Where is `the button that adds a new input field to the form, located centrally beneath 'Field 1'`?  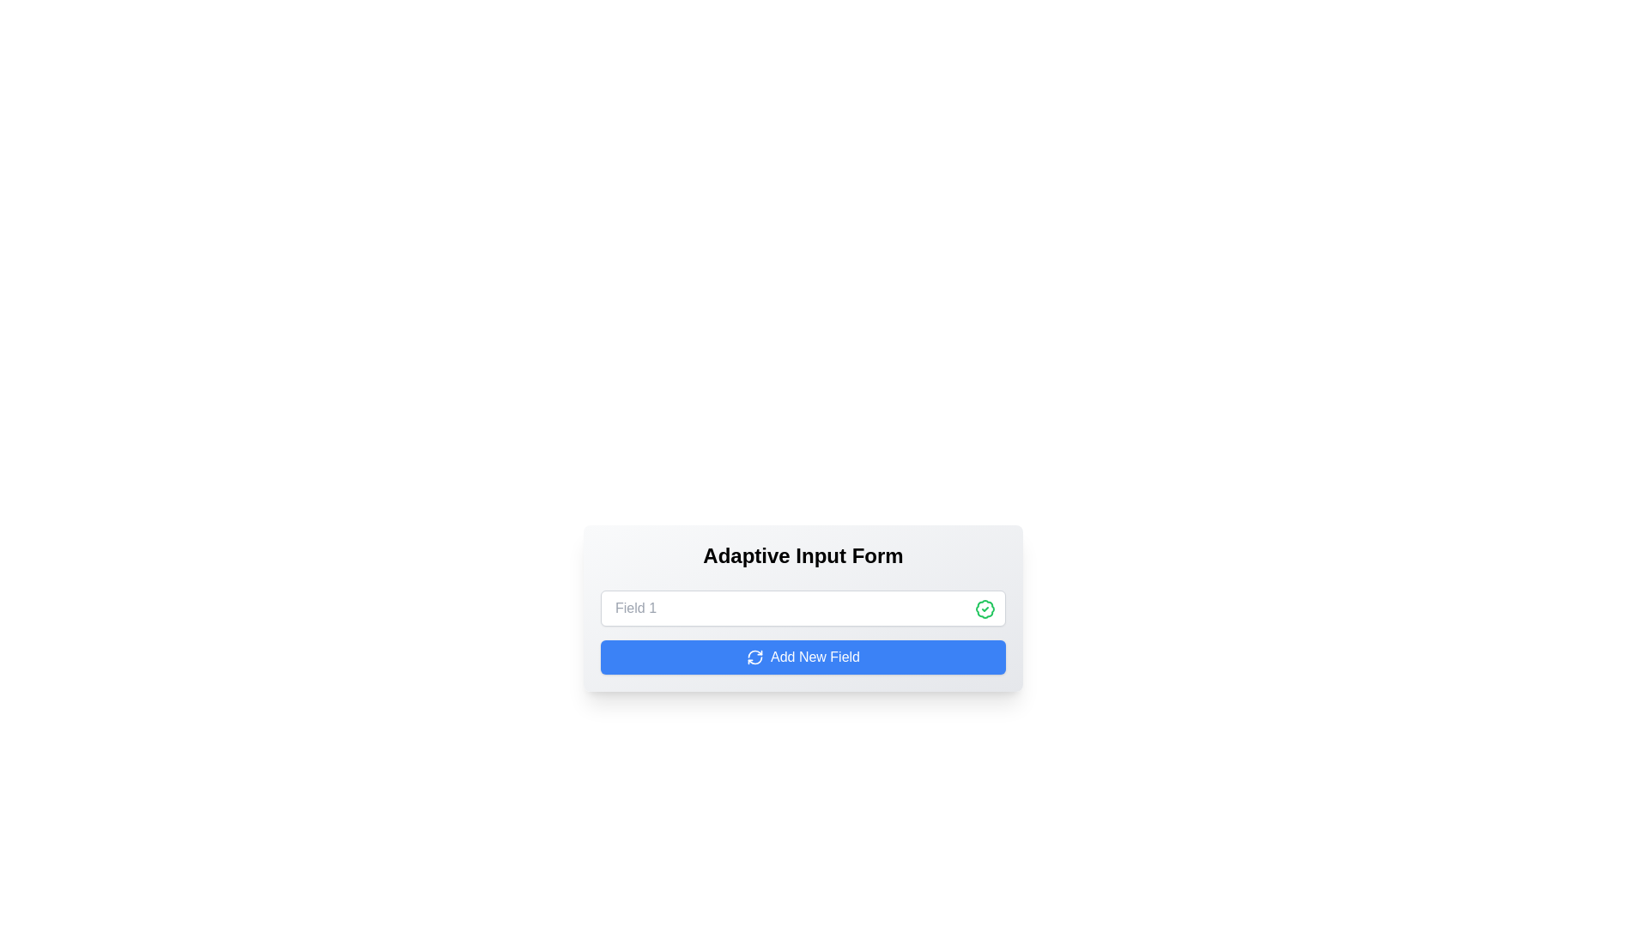 the button that adds a new input field to the form, located centrally beneath 'Field 1' is located at coordinates (803, 657).